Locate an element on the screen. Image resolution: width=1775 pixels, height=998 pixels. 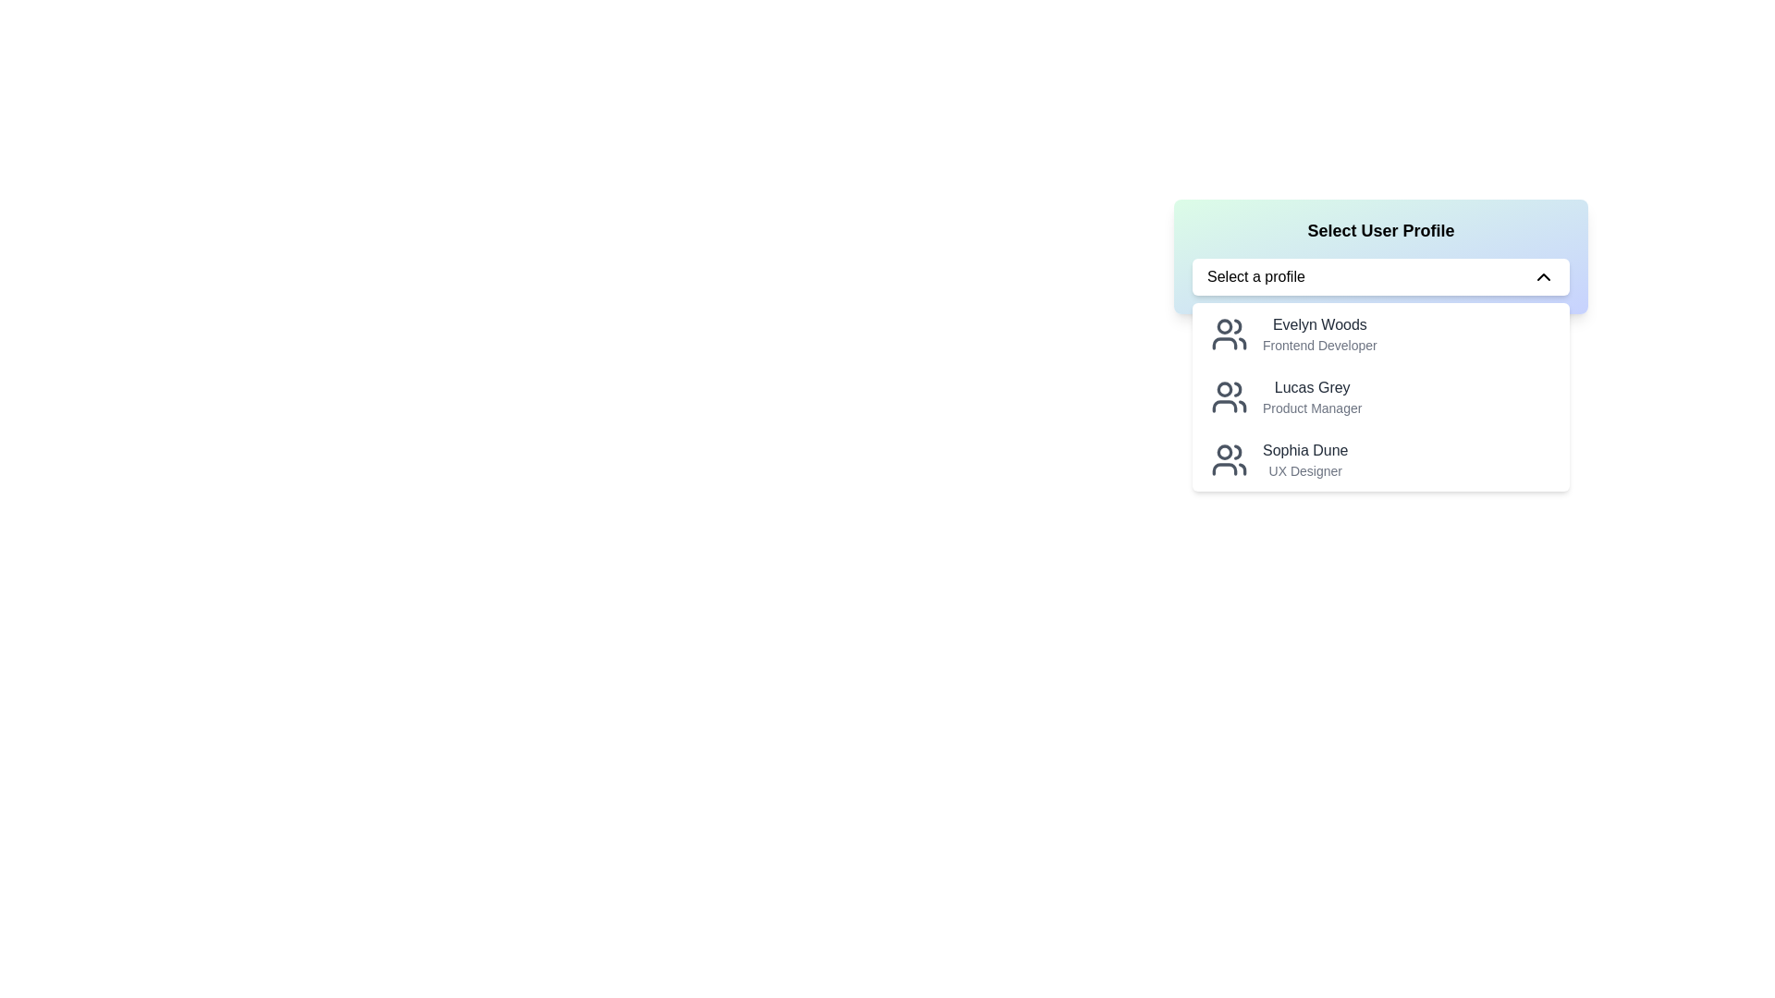
the SVG-based icon representing the profile of 'Lucas Grey', the Product Manager, located in the user profile selection dropdown menu, which is the second item in the sequence is located at coordinates (1229, 396).